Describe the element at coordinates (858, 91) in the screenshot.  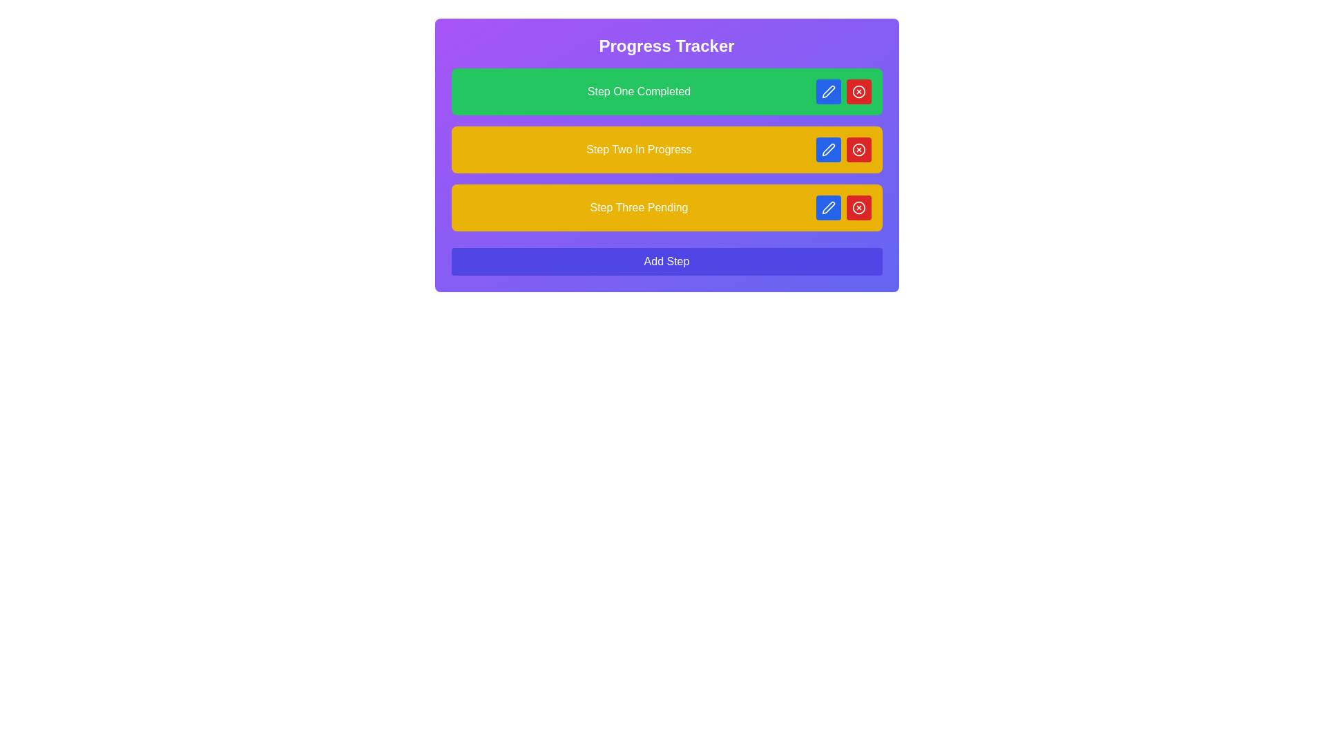
I see `the circular red icon indicating 'Step One Completed' in the progress tracker interface` at that location.